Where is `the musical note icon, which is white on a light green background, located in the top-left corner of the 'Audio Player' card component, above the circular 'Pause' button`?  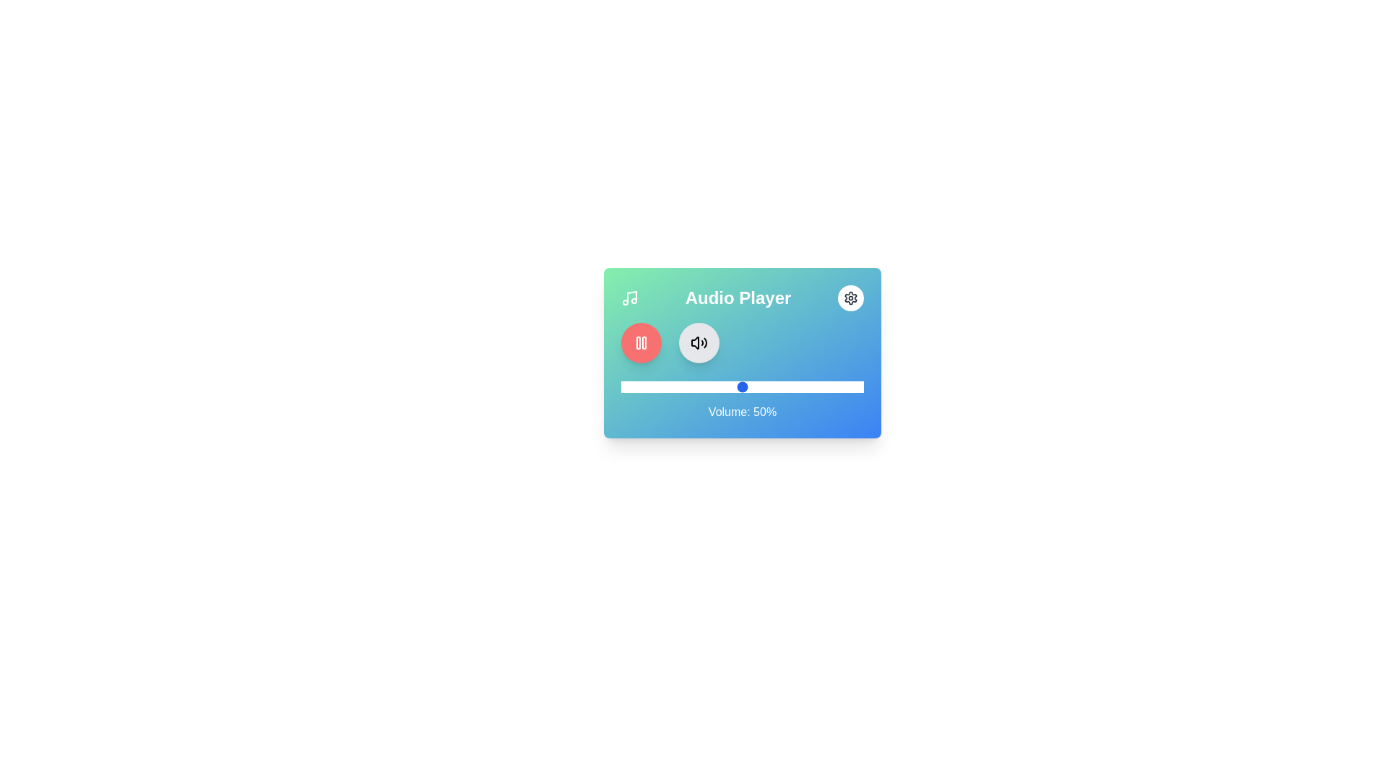
the musical note icon, which is white on a light green background, located in the top-left corner of the 'Audio Player' card component, above the circular 'Pause' button is located at coordinates (630, 297).